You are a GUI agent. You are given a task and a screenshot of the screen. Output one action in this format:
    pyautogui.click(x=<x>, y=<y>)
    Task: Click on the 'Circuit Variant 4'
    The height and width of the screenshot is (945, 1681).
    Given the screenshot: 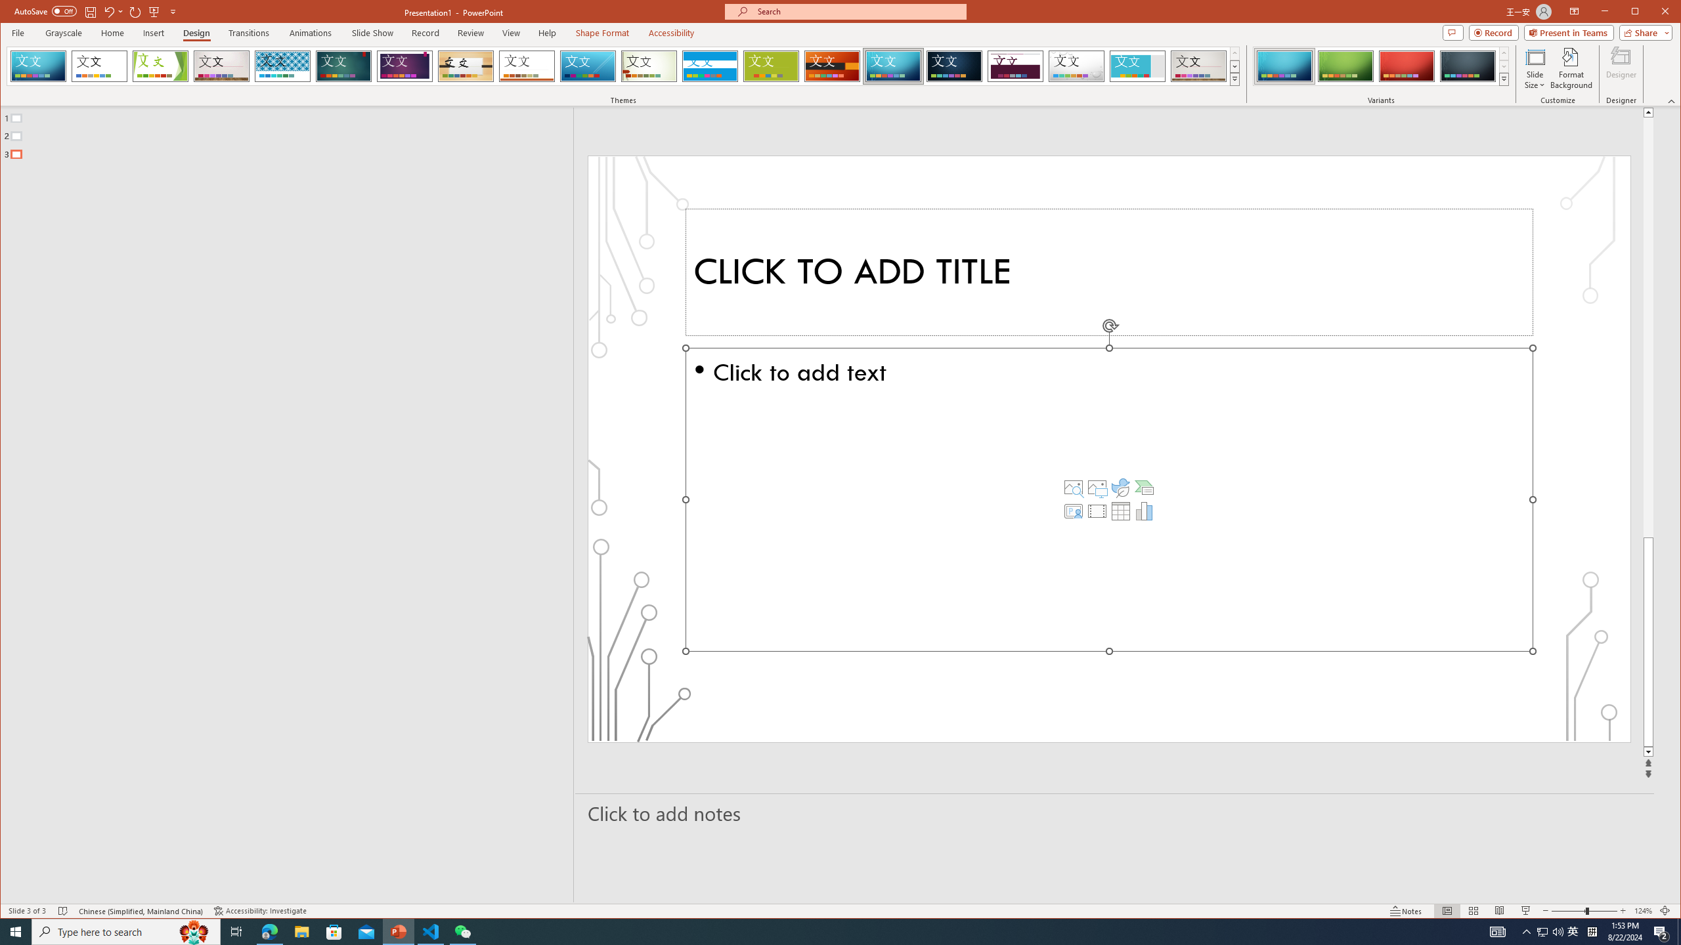 What is the action you would take?
    pyautogui.click(x=1466, y=66)
    